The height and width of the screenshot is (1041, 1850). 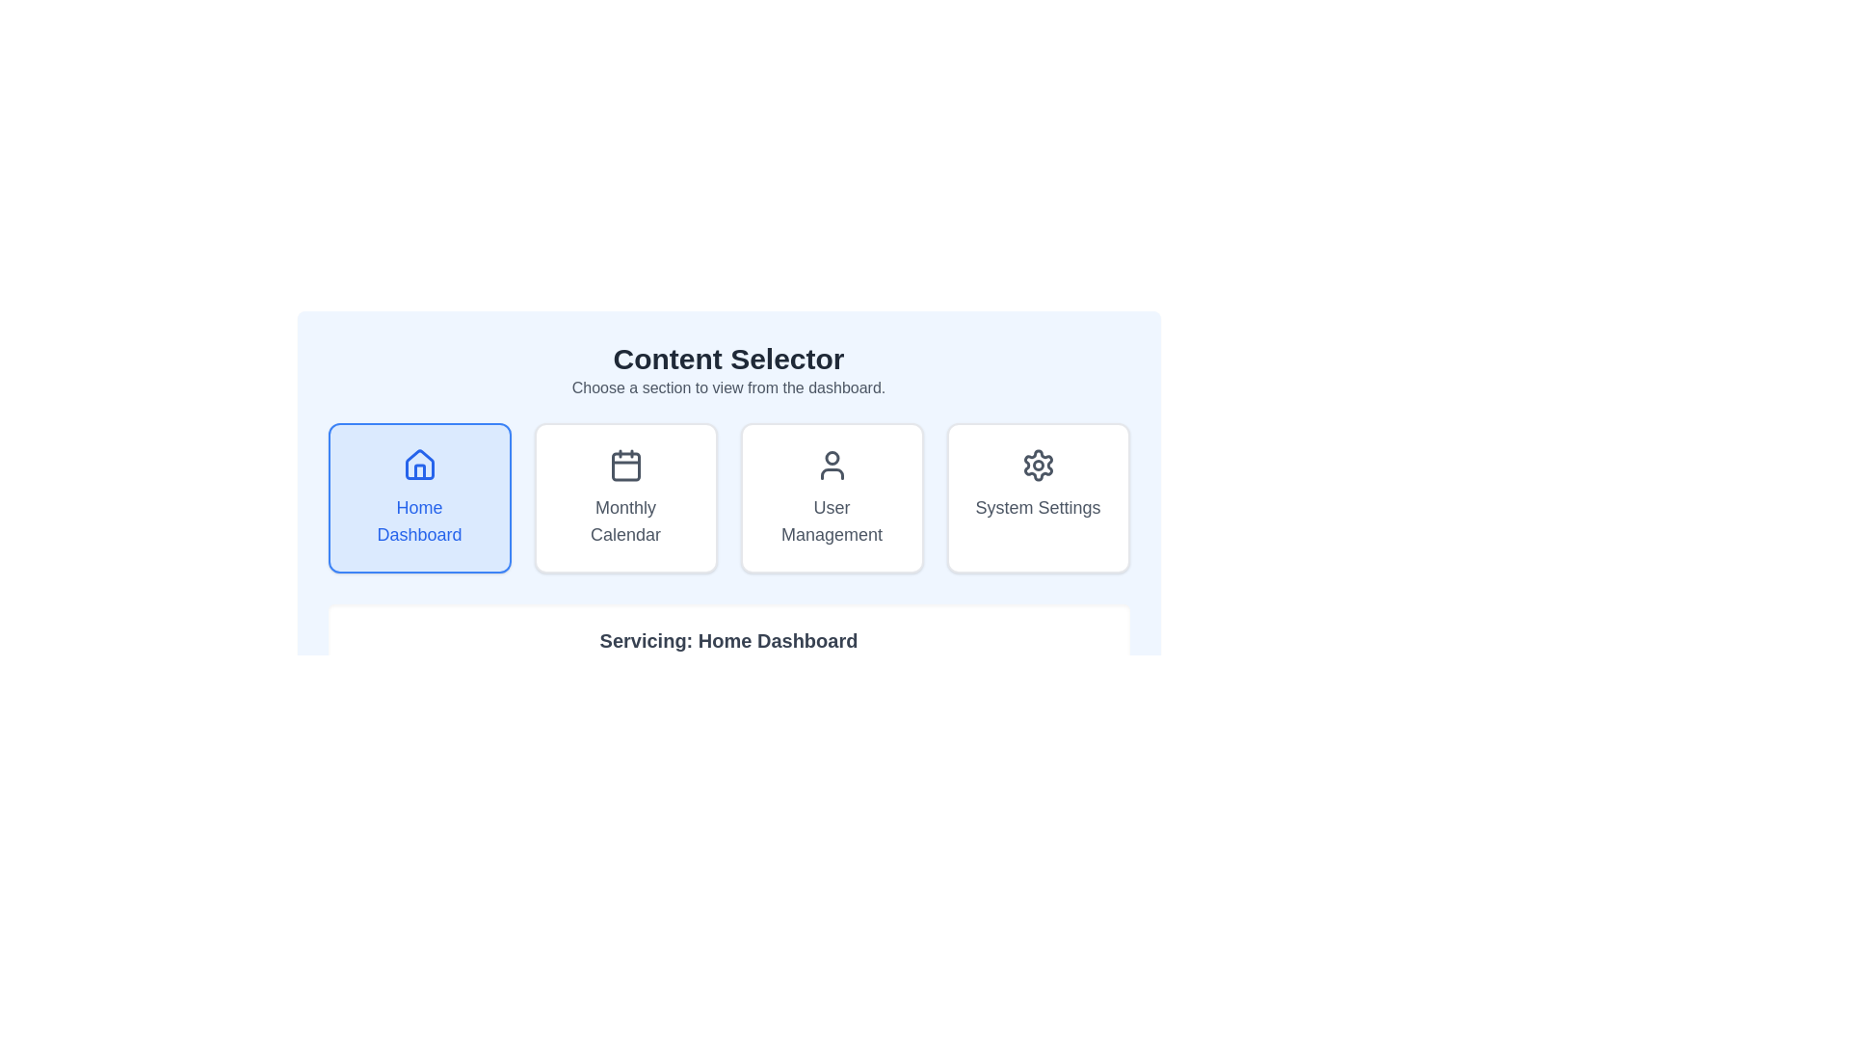 What do you see at coordinates (832, 458) in the screenshot?
I see `the circular SVG graphic element representing the head in the user management icon by clicking on its center` at bounding box center [832, 458].